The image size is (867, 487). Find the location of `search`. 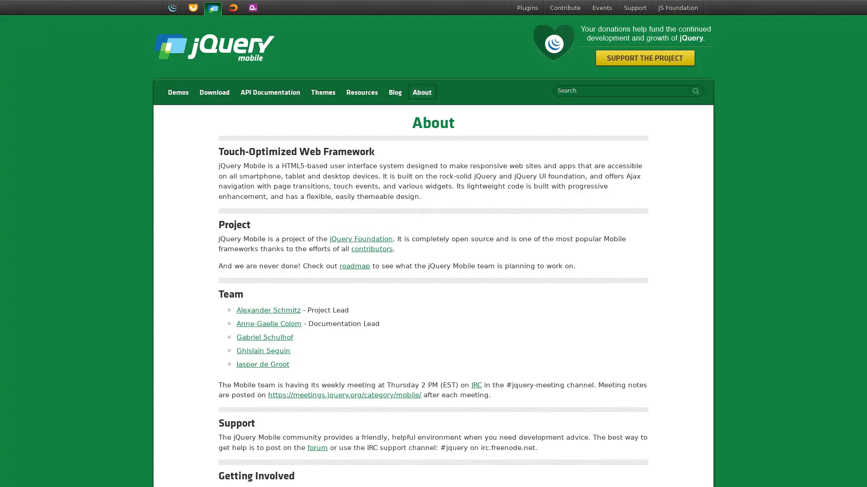

search is located at coordinates (693, 91).